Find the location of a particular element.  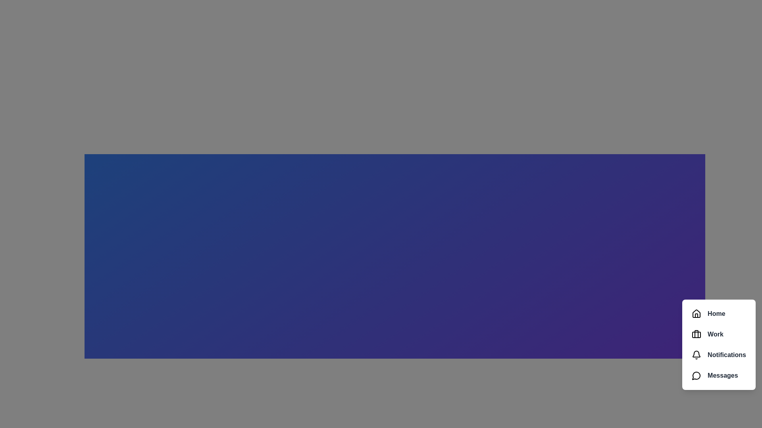

the Home in the speed dial menu is located at coordinates (719, 313).